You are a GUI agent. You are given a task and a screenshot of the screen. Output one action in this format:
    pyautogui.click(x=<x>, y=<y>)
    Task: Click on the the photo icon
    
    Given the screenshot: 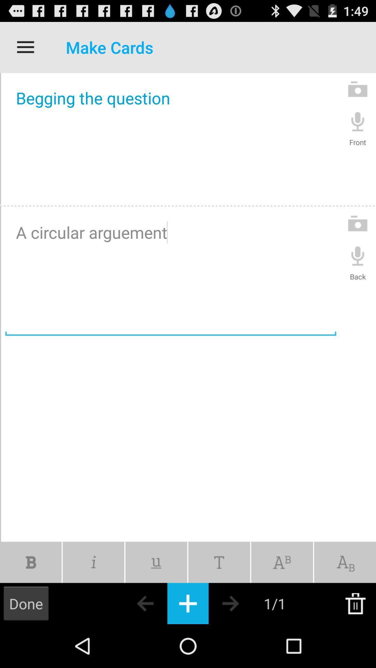 What is the action you would take?
    pyautogui.click(x=358, y=95)
    